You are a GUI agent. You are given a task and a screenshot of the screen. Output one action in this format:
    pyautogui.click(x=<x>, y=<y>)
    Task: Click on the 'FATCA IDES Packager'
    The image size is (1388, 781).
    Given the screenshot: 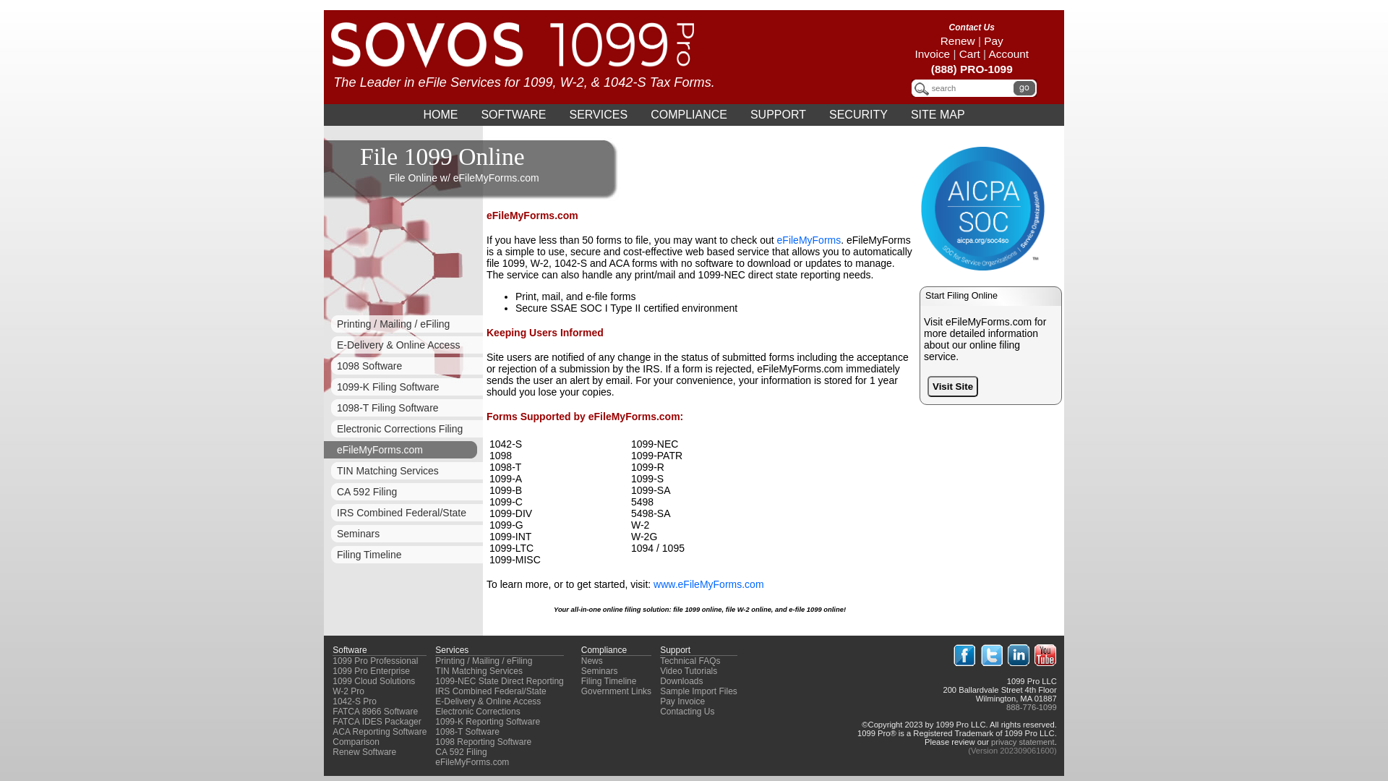 What is the action you would take?
    pyautogui.click(x=377, y=722)
    